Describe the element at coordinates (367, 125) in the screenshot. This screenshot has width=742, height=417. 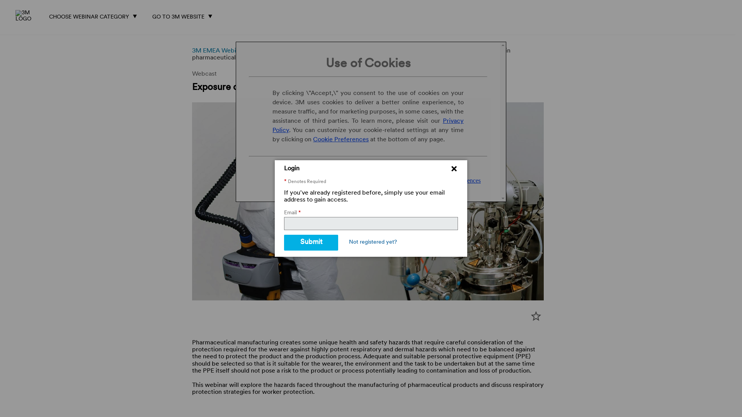
I see `'Privacy Policy'` at that location.